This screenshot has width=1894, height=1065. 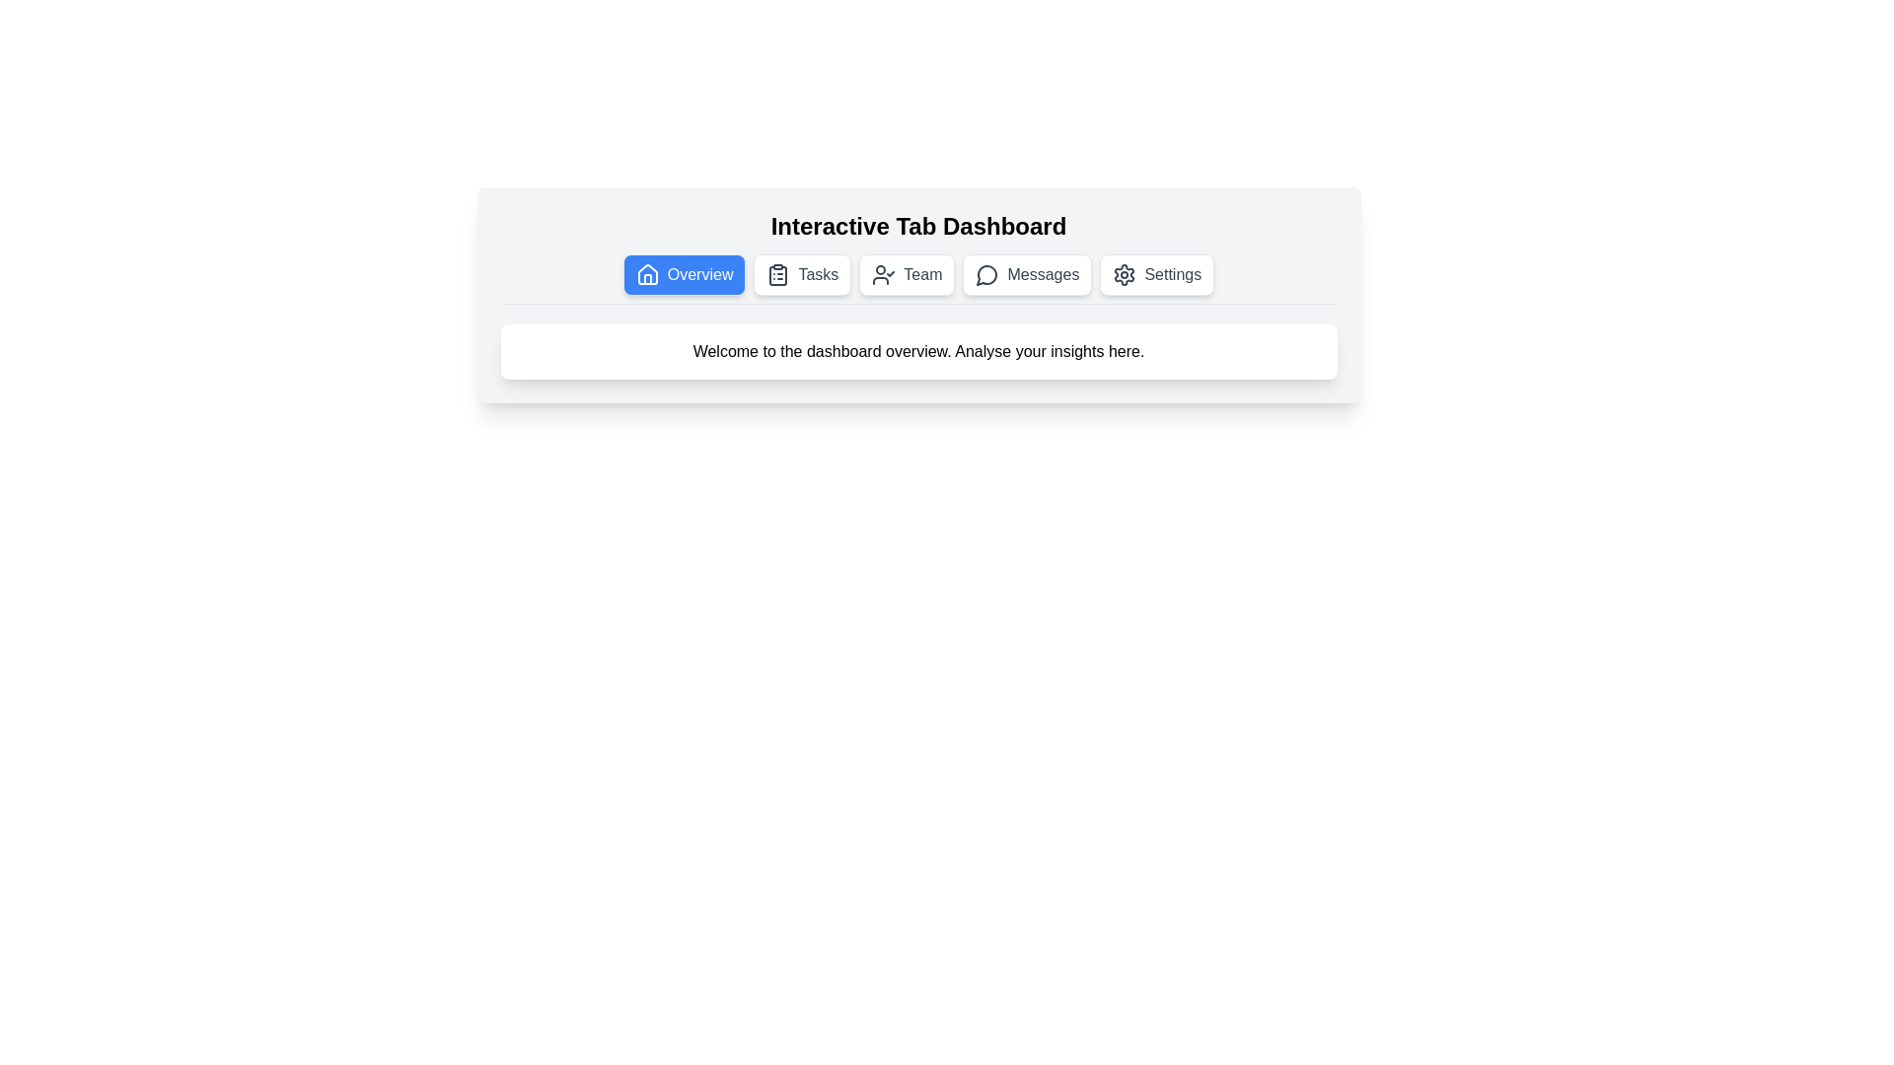 What do you see at coordinates (917, 279) in the screenshot?
I see `the navigation bar located below the heading 'Interactive Tab Dashboard' to observe visual feedback on the buttons` at bounding box center [917, 279].